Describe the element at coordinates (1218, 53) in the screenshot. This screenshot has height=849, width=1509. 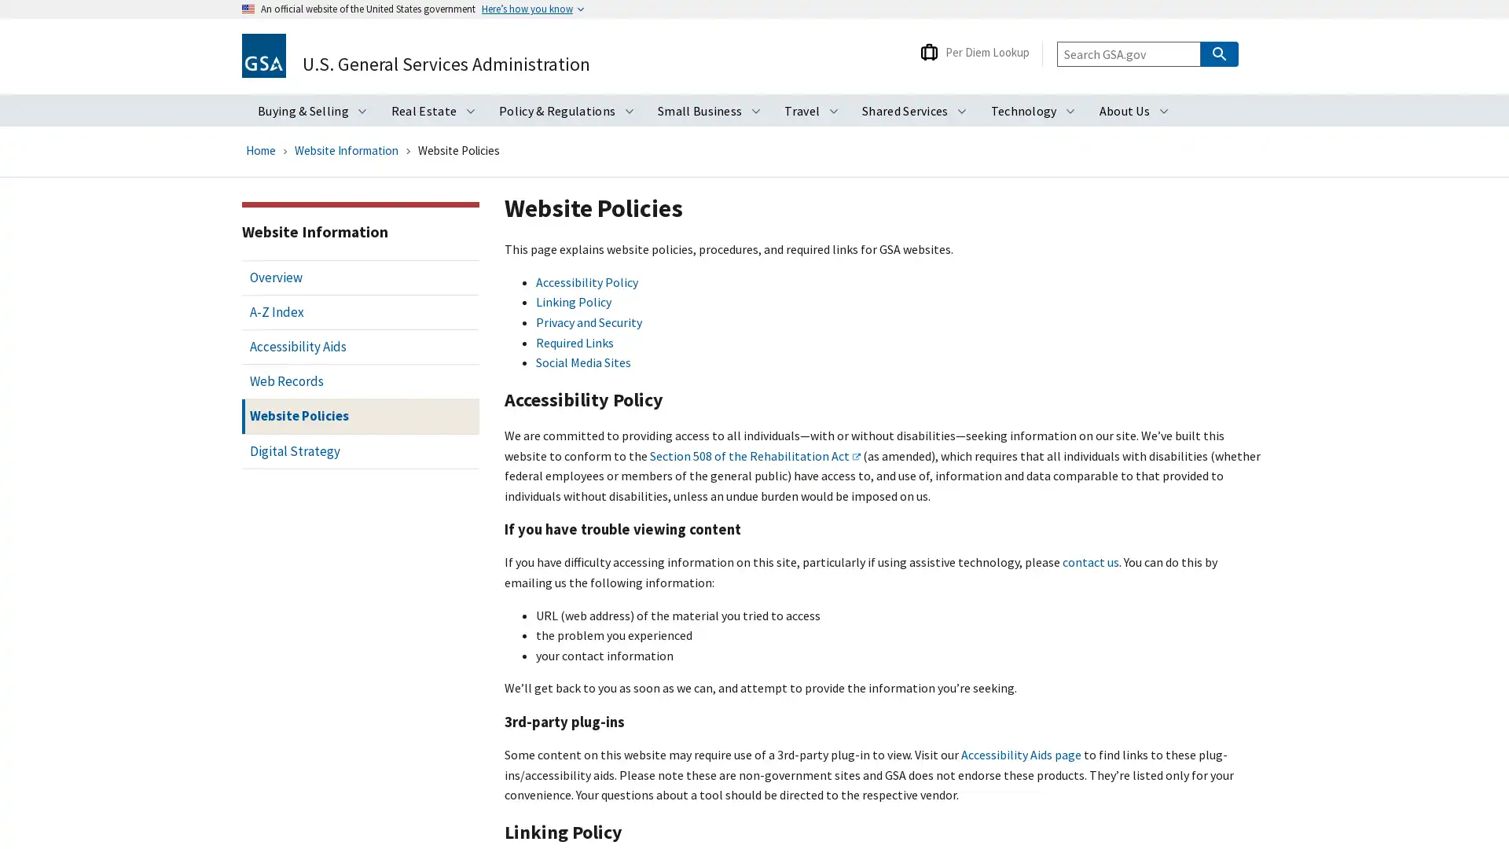
I see `Search` at that location.